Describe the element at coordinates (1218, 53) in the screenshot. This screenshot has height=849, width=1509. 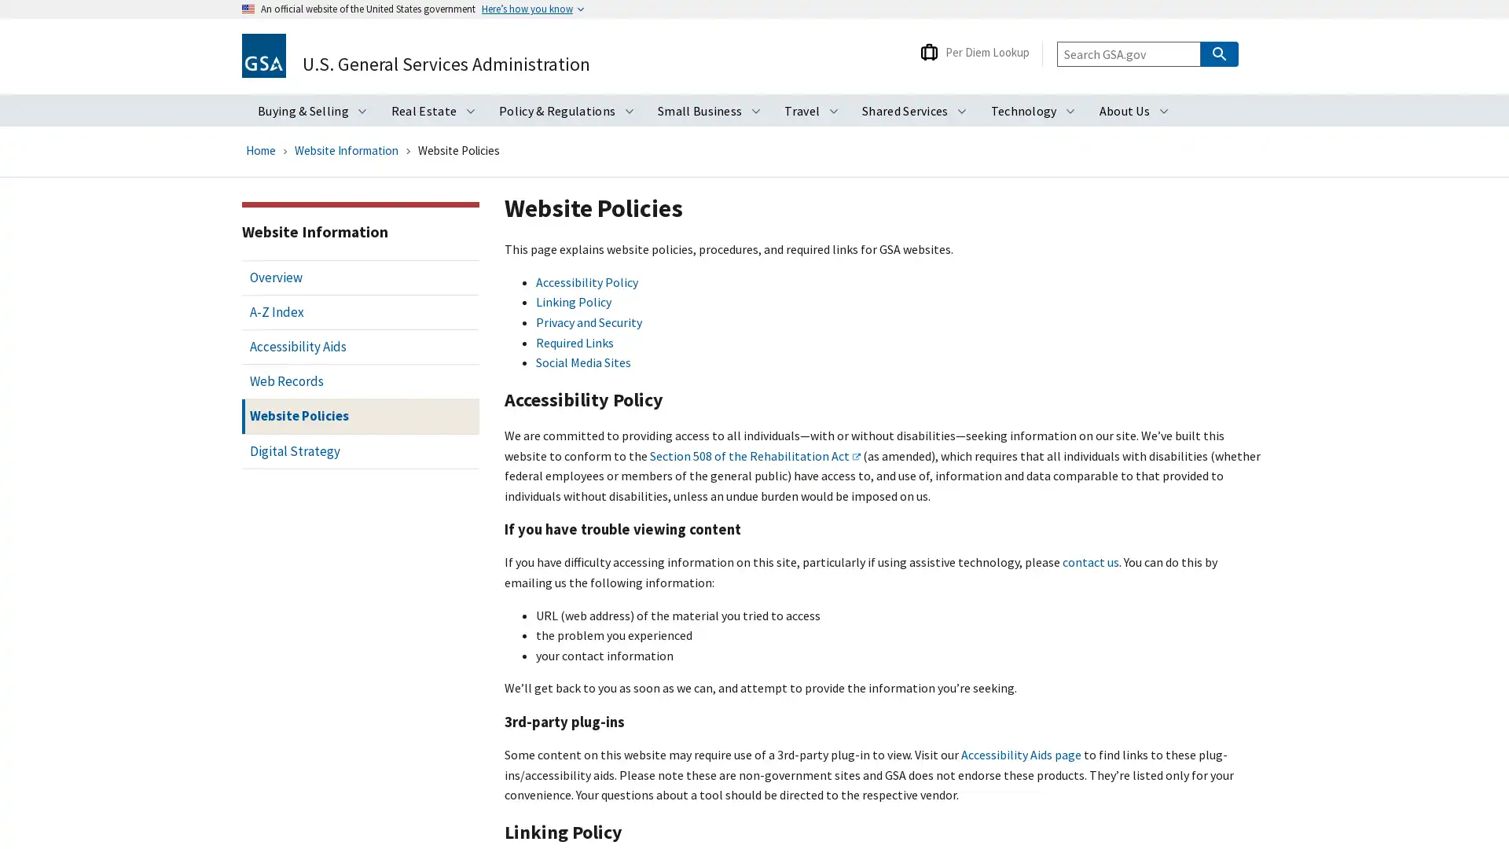
I see `Search` at that location.